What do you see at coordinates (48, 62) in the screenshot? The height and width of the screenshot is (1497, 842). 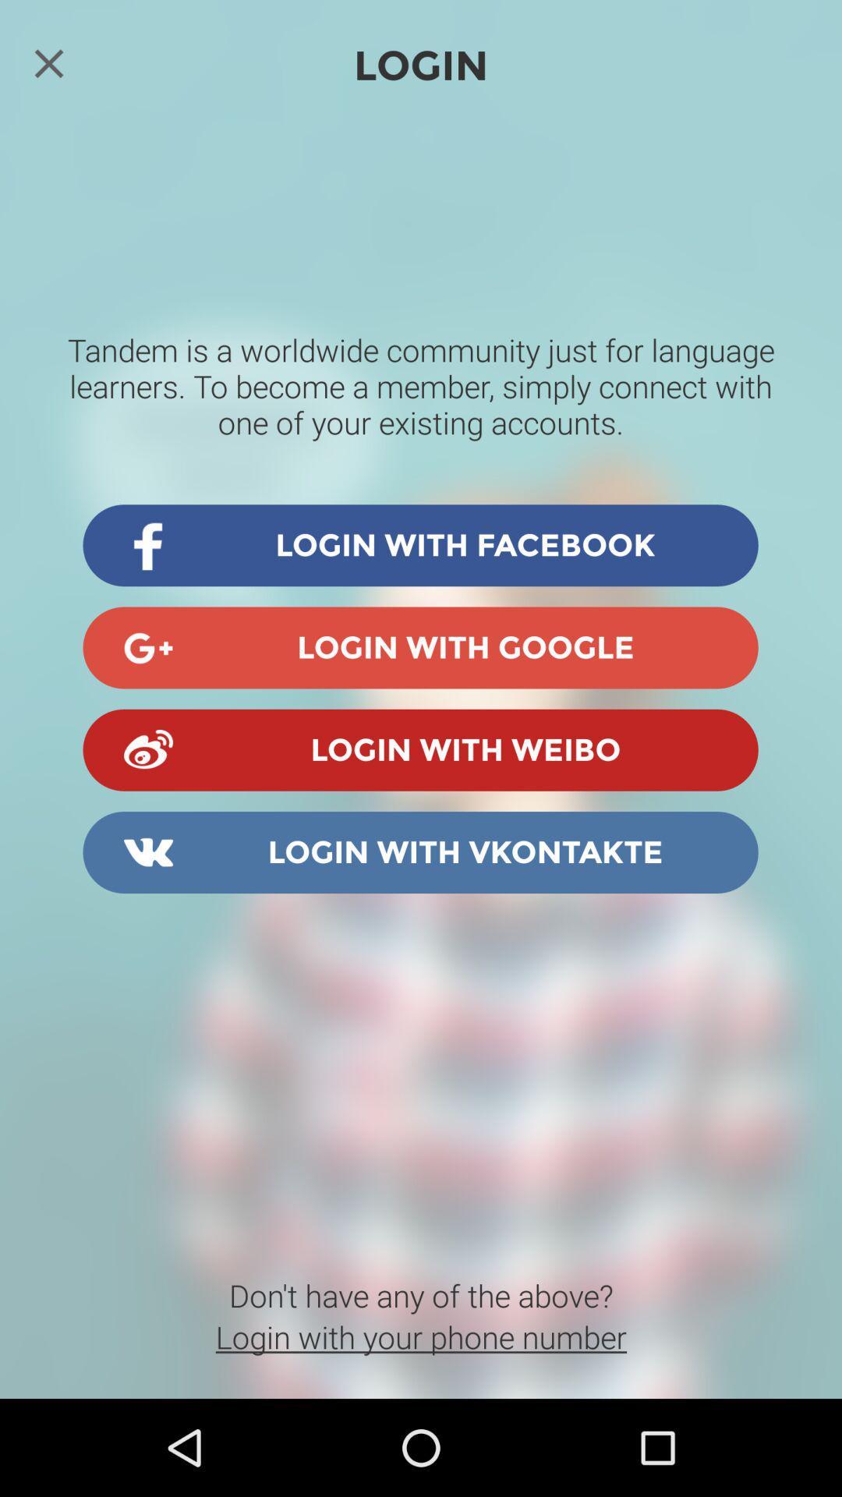 I see `login` at bounding box center [48, 62].